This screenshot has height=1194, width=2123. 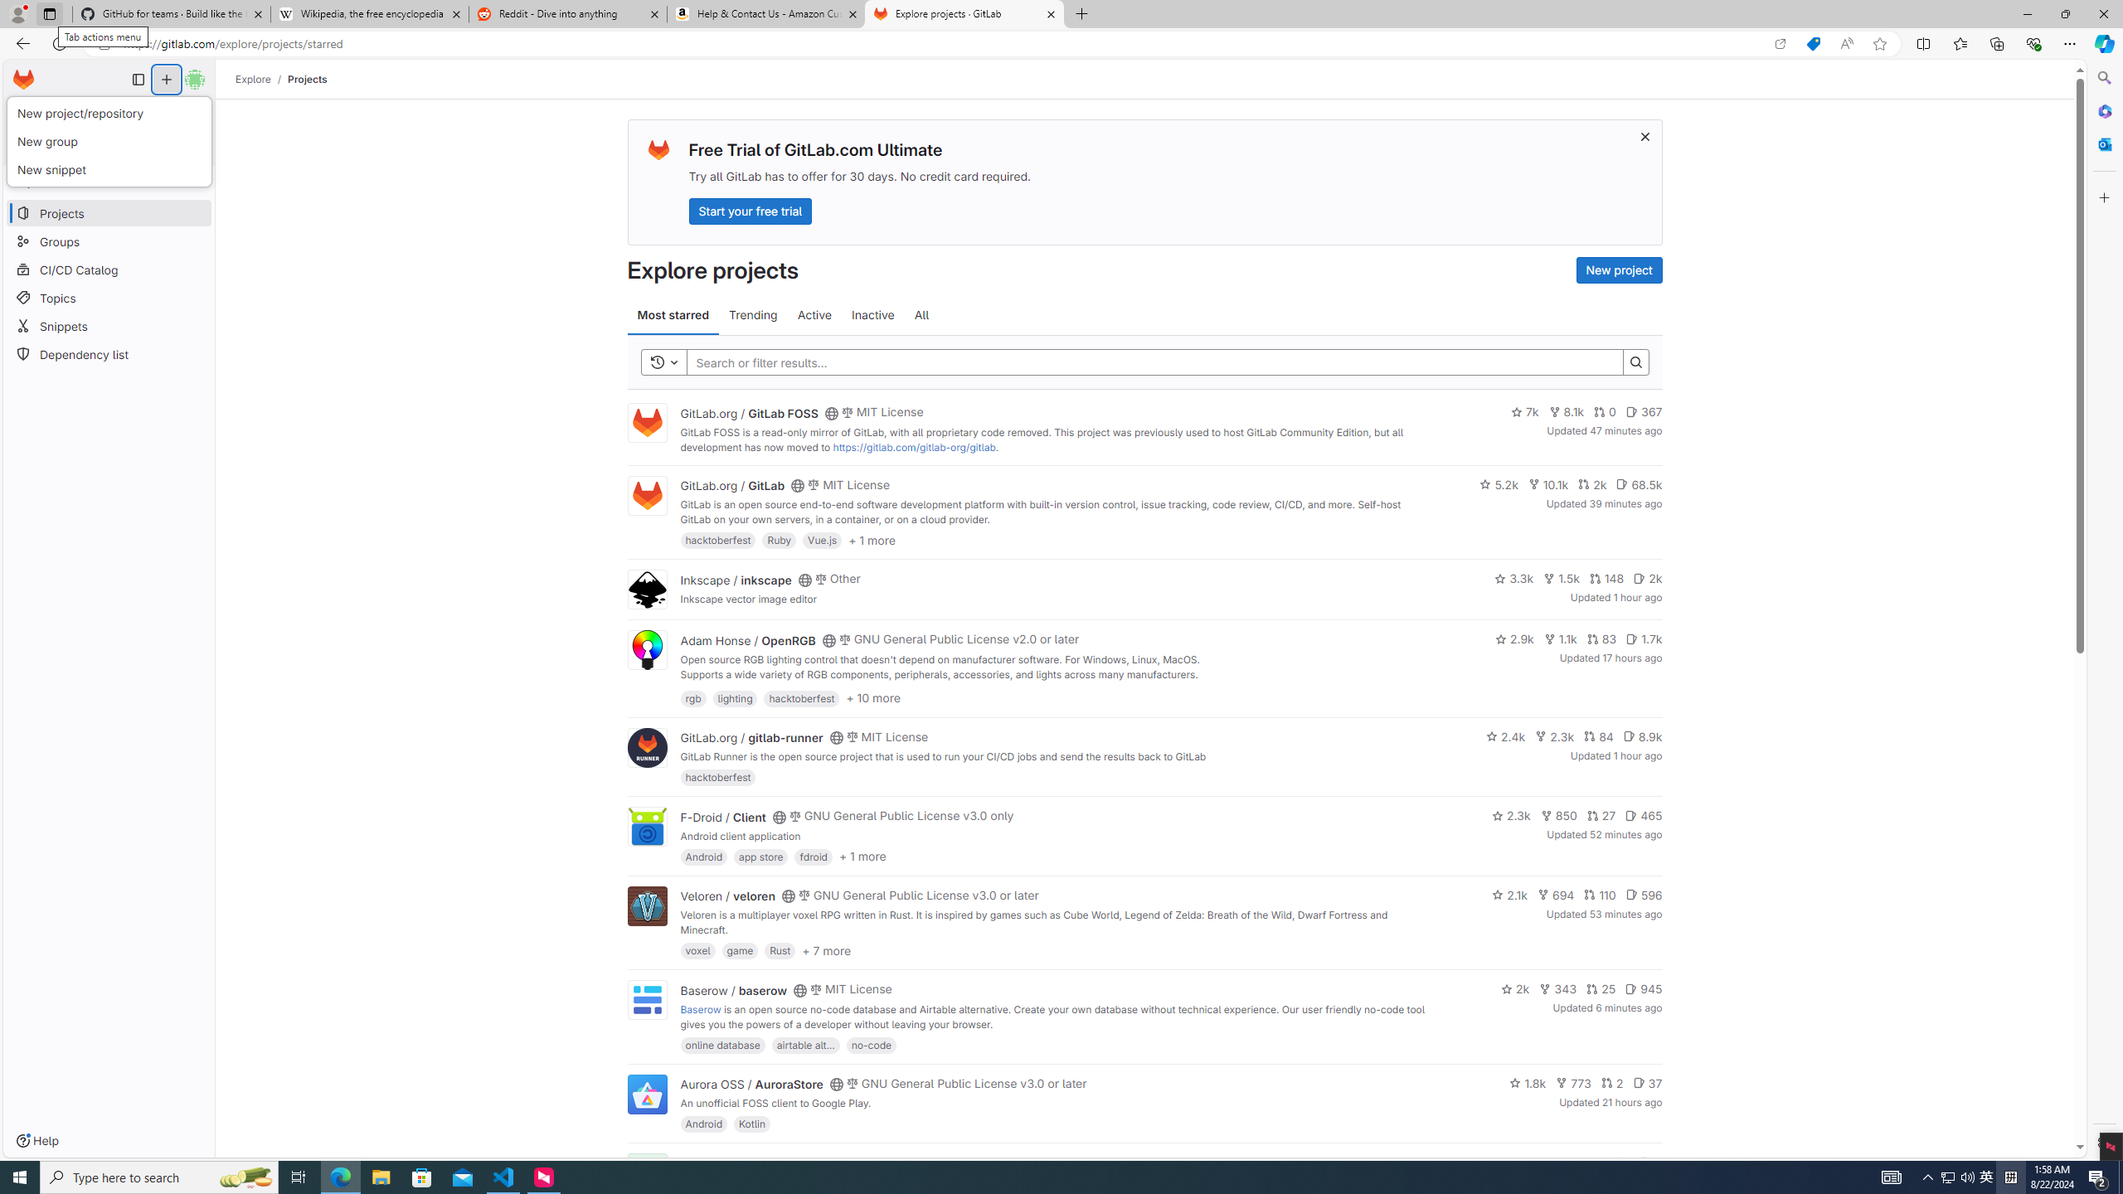 What do you see at coordinates (1528, 1082) in the screenshot?
I see `'1.8k'` at bounding box center [1528, 1082].